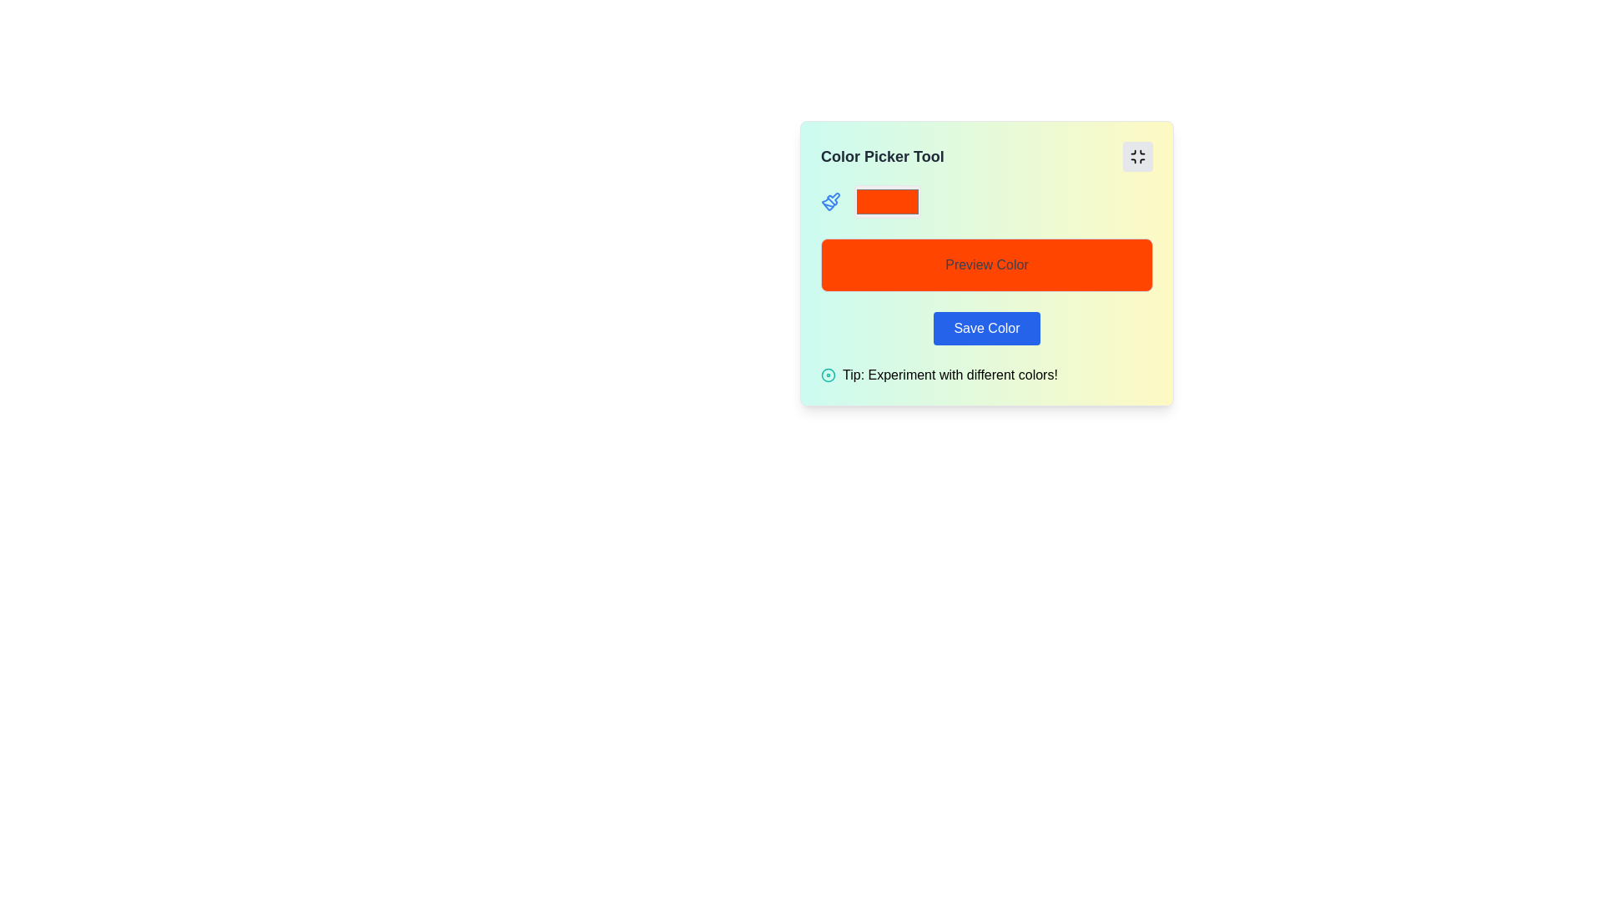 The width and height of the screenshot is (1602, 901). What do you see at coordinates (939, 375) in the screenshot?
I see `the informational text element displaying the message 'Tip: Experiment with different colors!' which includes a circular icon with a teal-colored border, located at the bottom of the panel under the 'Save Color' button` at bounding box center [939, 375].